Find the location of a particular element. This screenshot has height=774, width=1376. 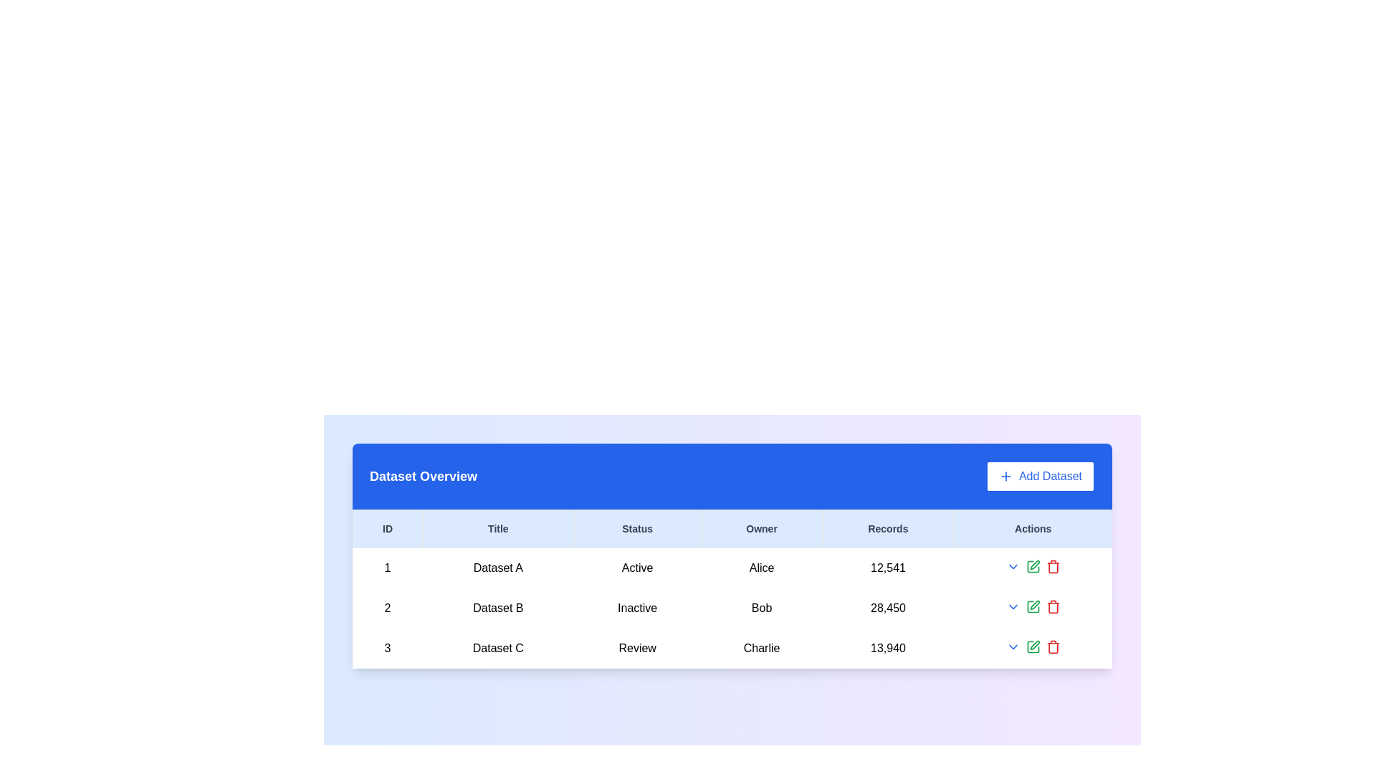

the 'Title' column header cell in the table, which is the second item from the left in the header row of the 'Dataset Overview' is located at coordinates (498, 528).